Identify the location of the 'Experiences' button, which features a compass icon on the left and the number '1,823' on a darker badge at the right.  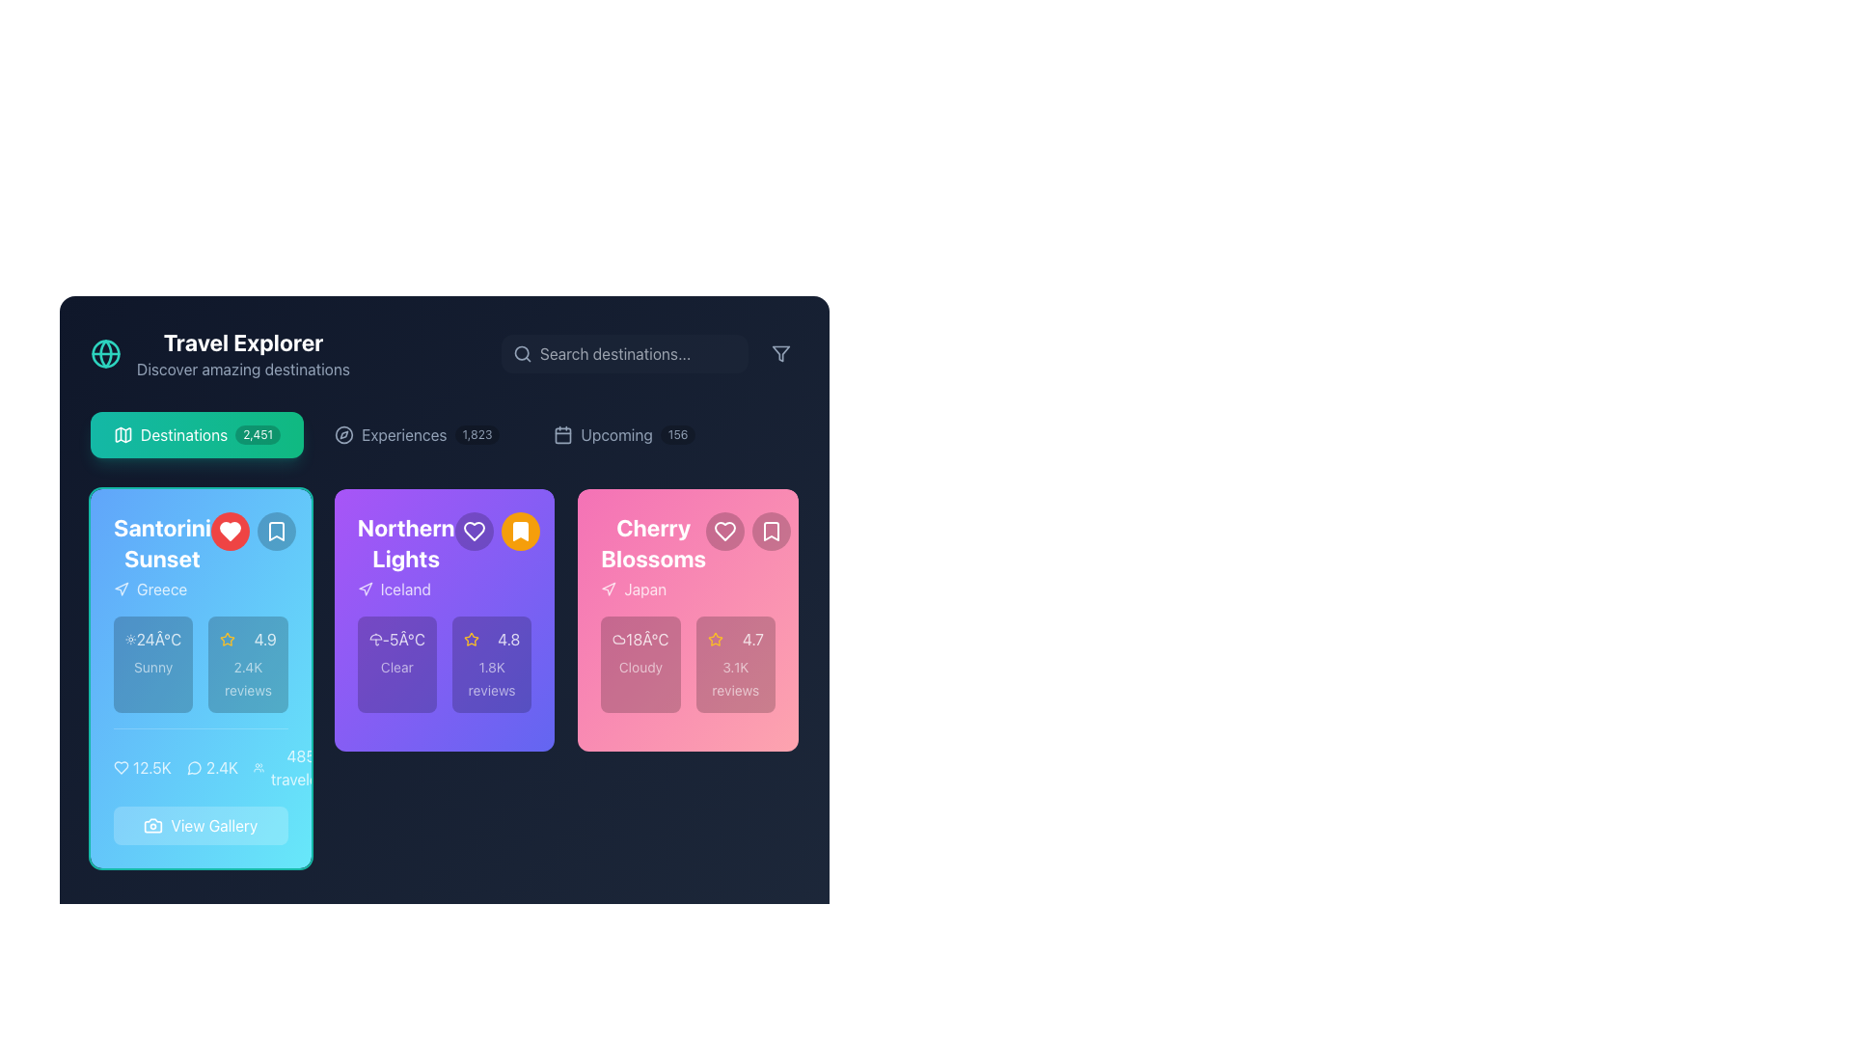
(416, 435).